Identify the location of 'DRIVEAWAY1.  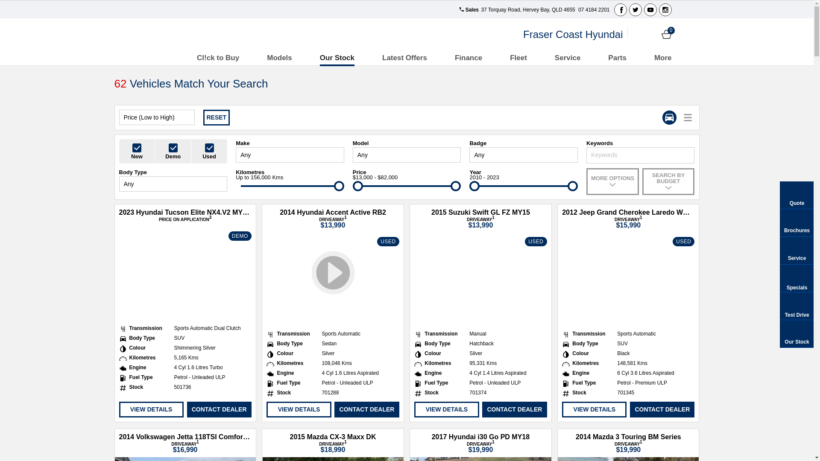
(184, 446).